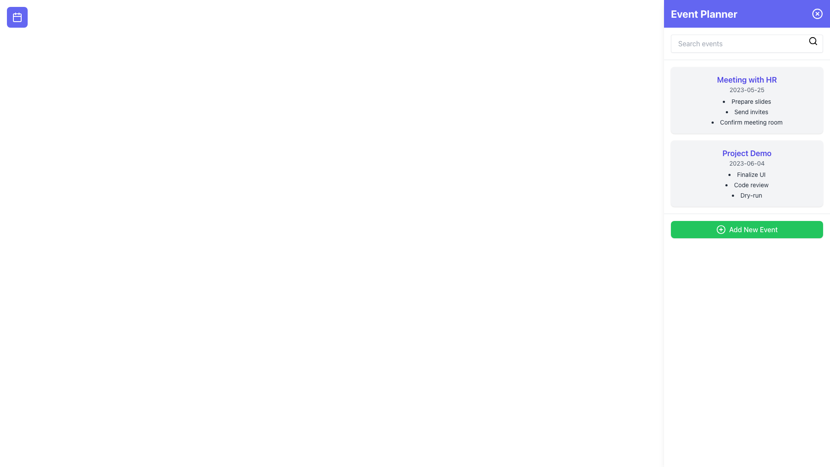 The width and height of the screenshot is (830, 467). Describe the element at coordinates (721, 229) in the screenshot. I see `the 'Add New Event' button by targeting the central circle element within its icon layout` at that location.